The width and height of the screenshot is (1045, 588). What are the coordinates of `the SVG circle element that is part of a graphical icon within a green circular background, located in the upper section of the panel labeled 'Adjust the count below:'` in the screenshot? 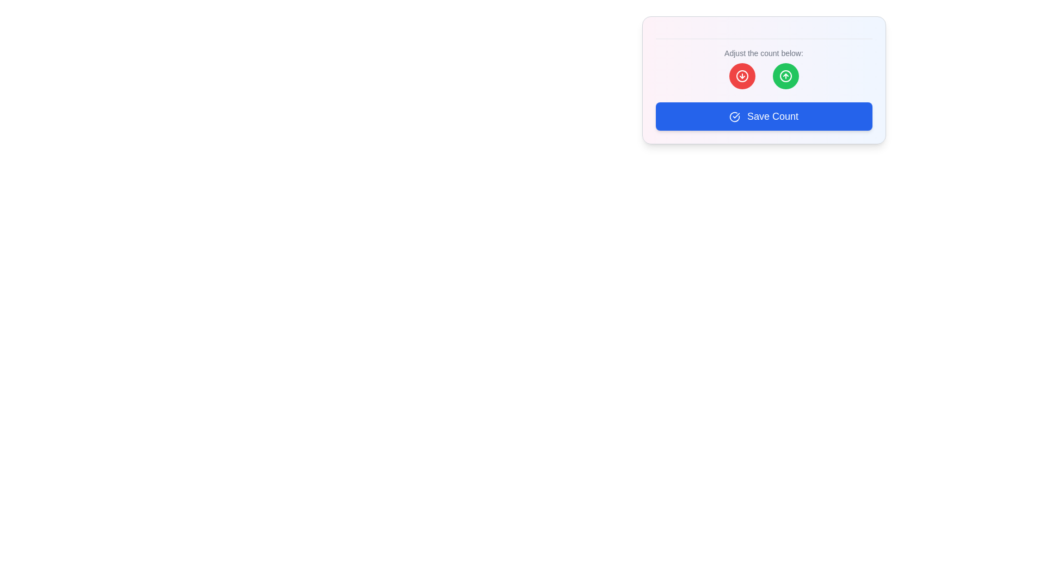 It's located at (785, 75).